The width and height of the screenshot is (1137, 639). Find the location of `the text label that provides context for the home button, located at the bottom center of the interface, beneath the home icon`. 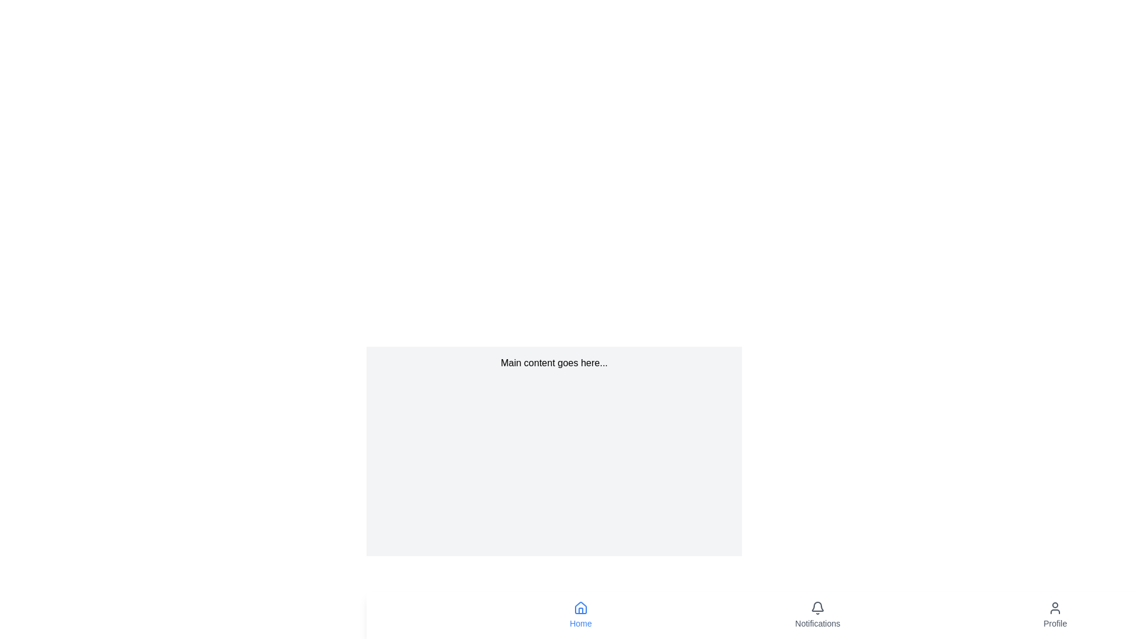

the text label that provides context for the home button, located at the bottom center of the interface, beneath the home icon is located at coordinates (580, 622).